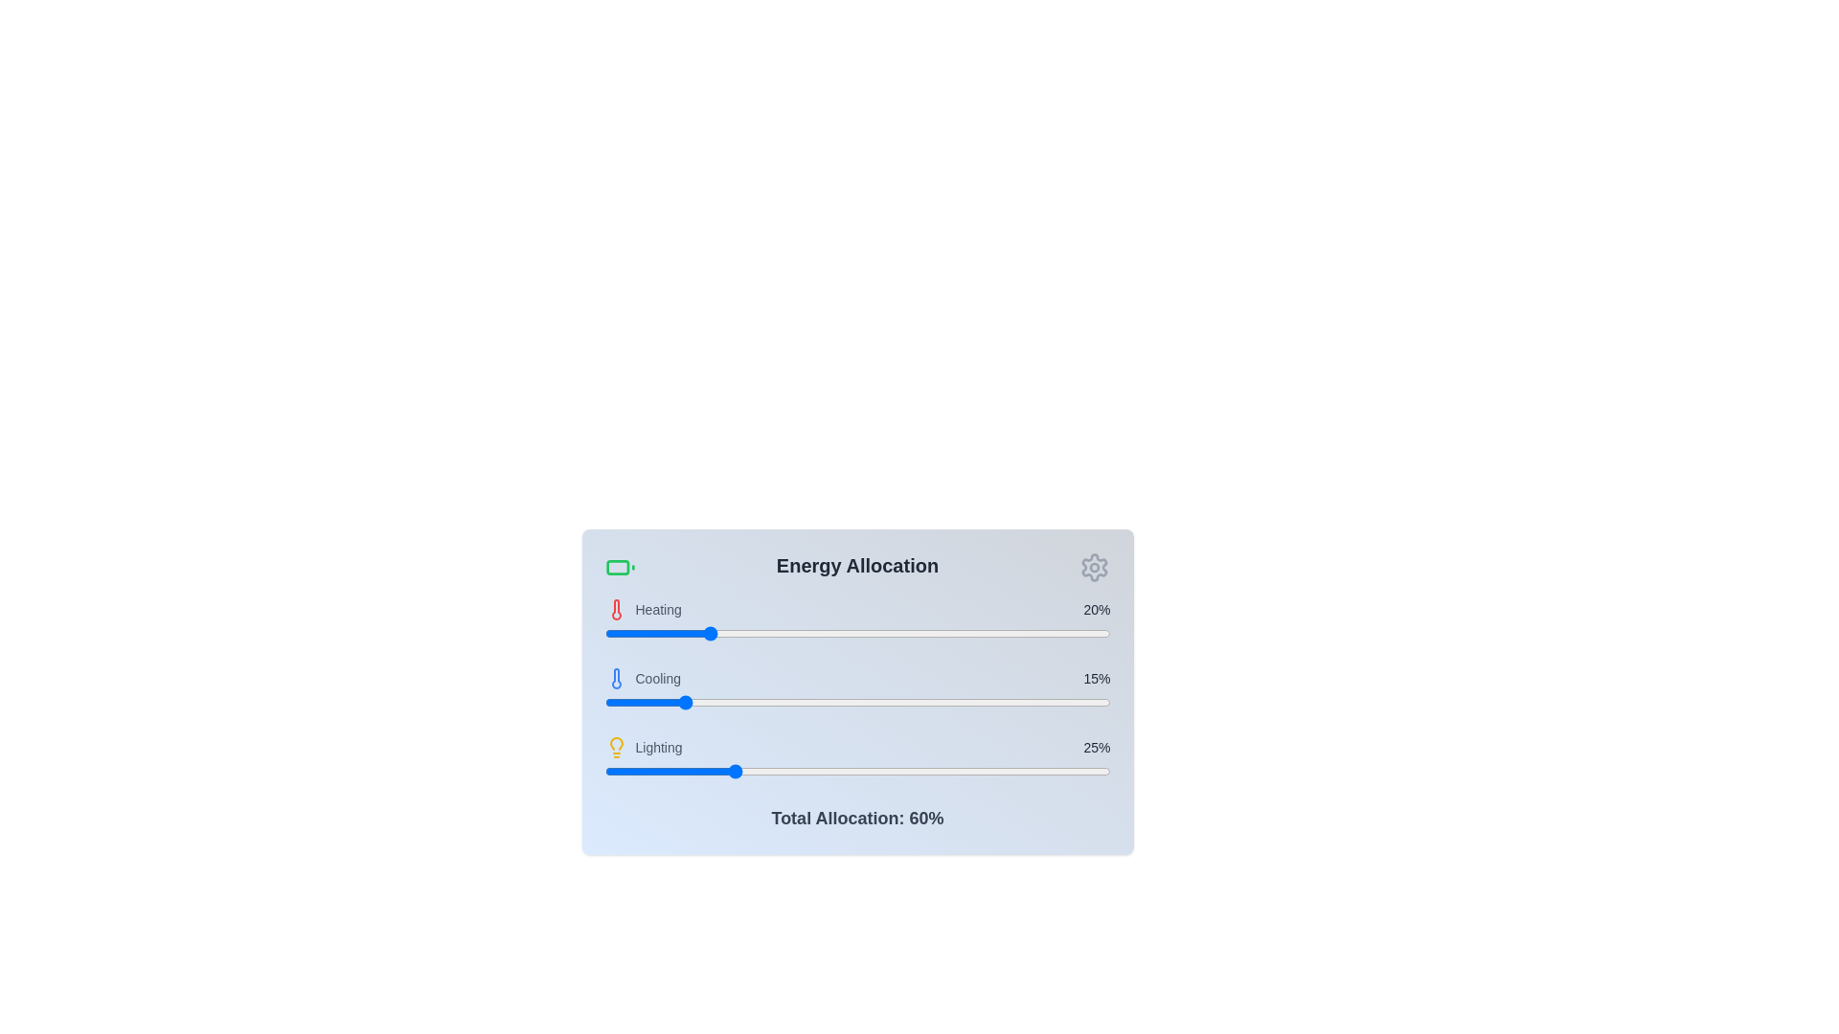  Describe the element at coordinates (917, 771) in the screenshot. I see `the lighting allocation slider to 62%` at that location.